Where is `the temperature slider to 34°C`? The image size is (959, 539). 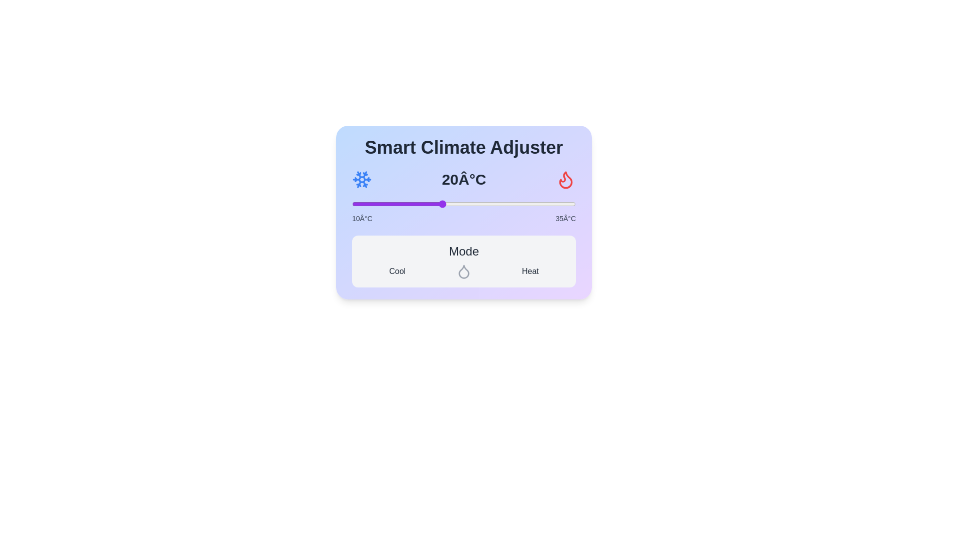 the temperature slider to 34°C is located at coordinates (567, 203).